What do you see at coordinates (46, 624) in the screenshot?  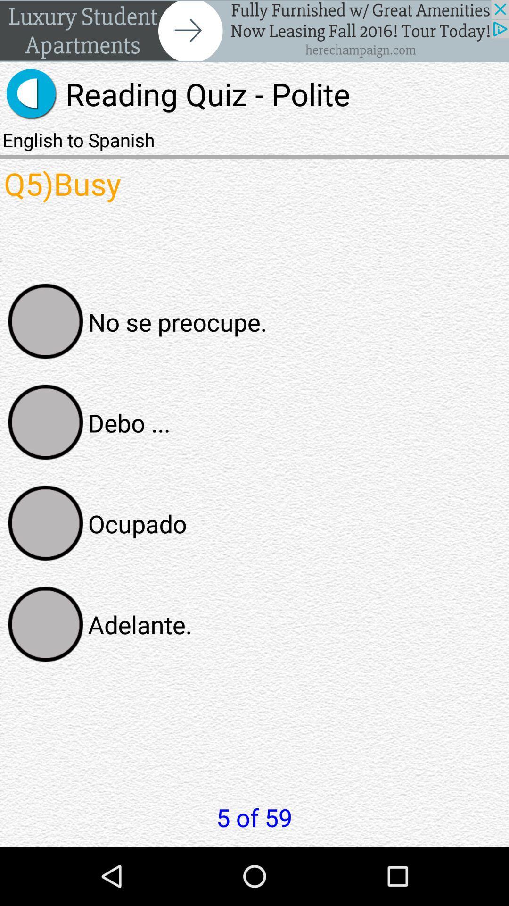 I see `adelante` at bounding box center [46, 624].